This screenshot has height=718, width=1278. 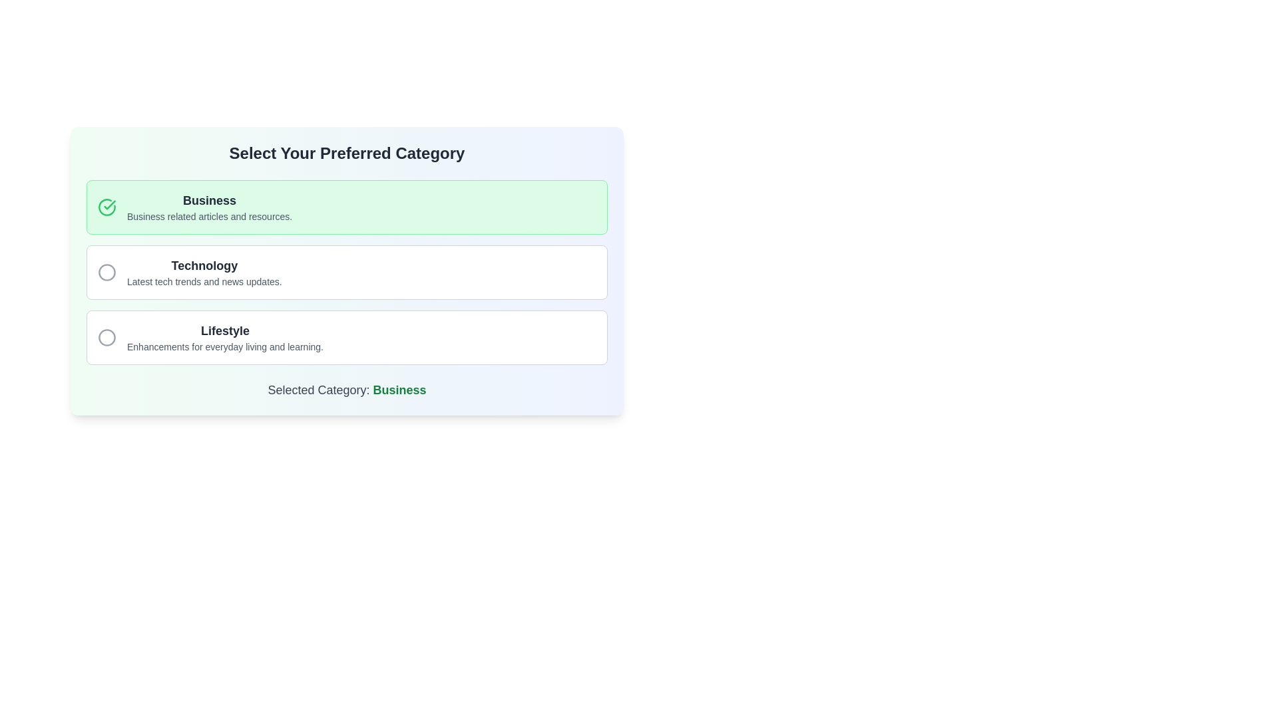 What do you see at coordinates (225, 330) in the screenshot?
I see `the 'Lifestyle' category label in the category selection list, which is located in the third option group, immediately above the descriptive text for this section` at bounding box center [225, 330].